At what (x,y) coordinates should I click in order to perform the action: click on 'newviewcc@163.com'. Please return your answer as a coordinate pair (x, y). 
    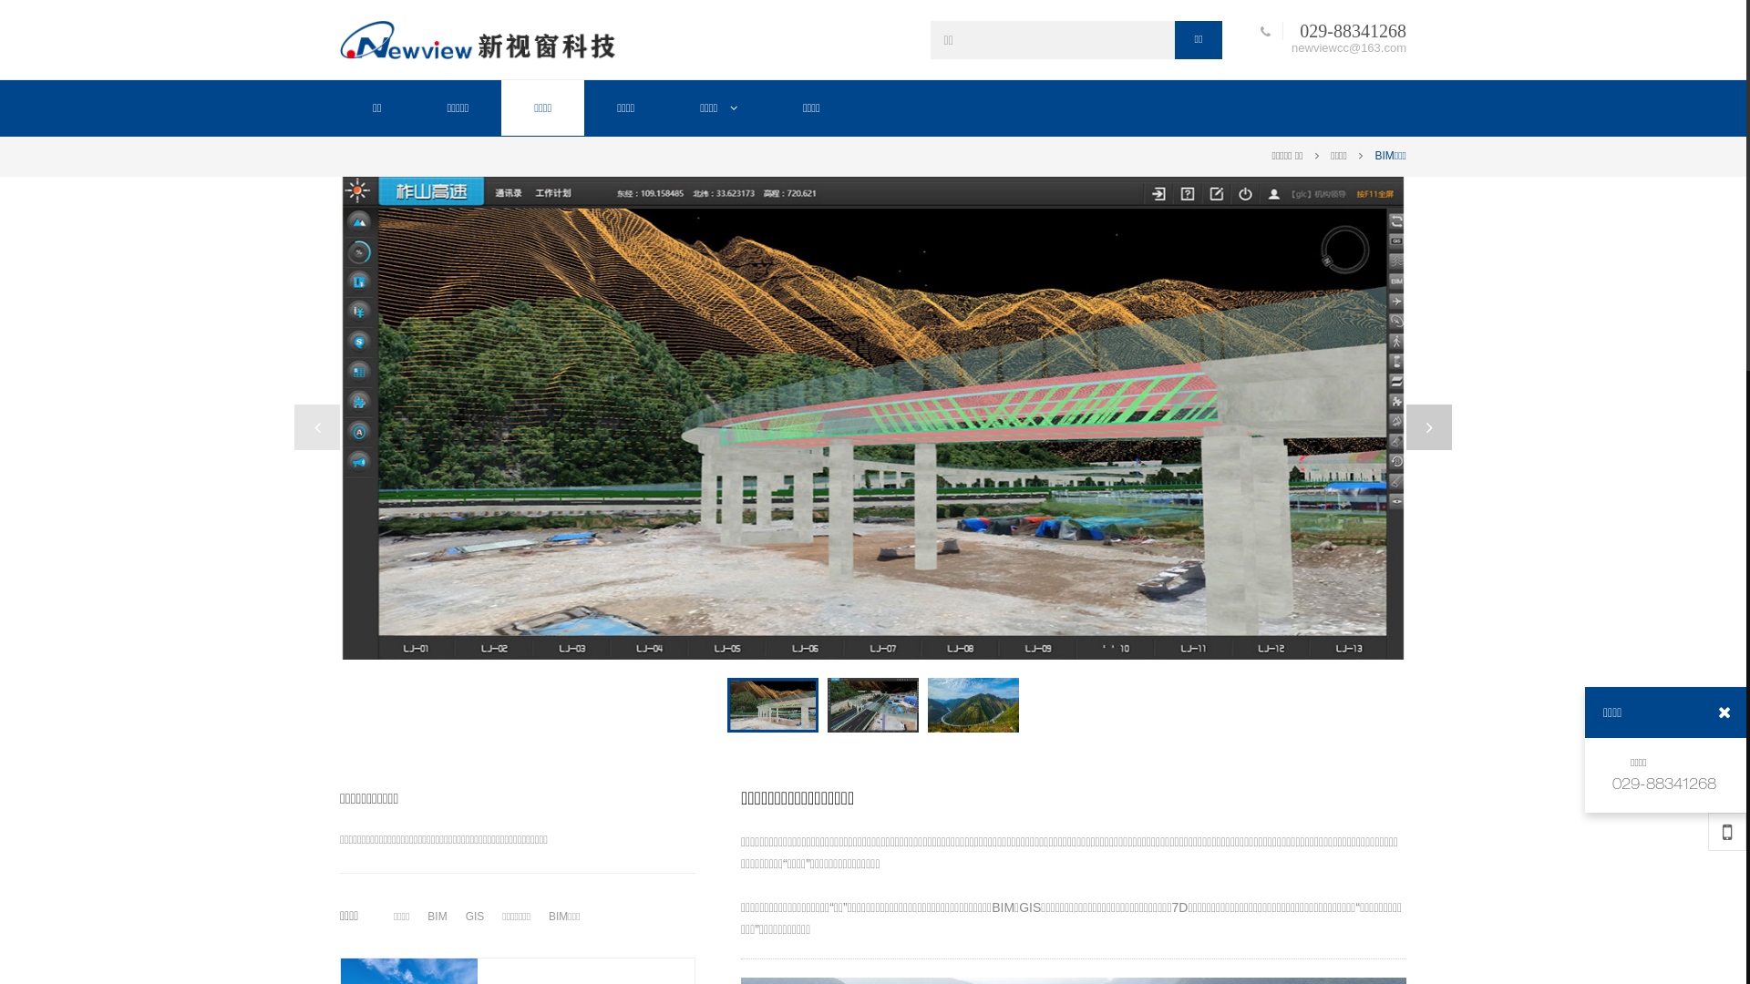
    Looking at the image, I should click on (1343, 46).